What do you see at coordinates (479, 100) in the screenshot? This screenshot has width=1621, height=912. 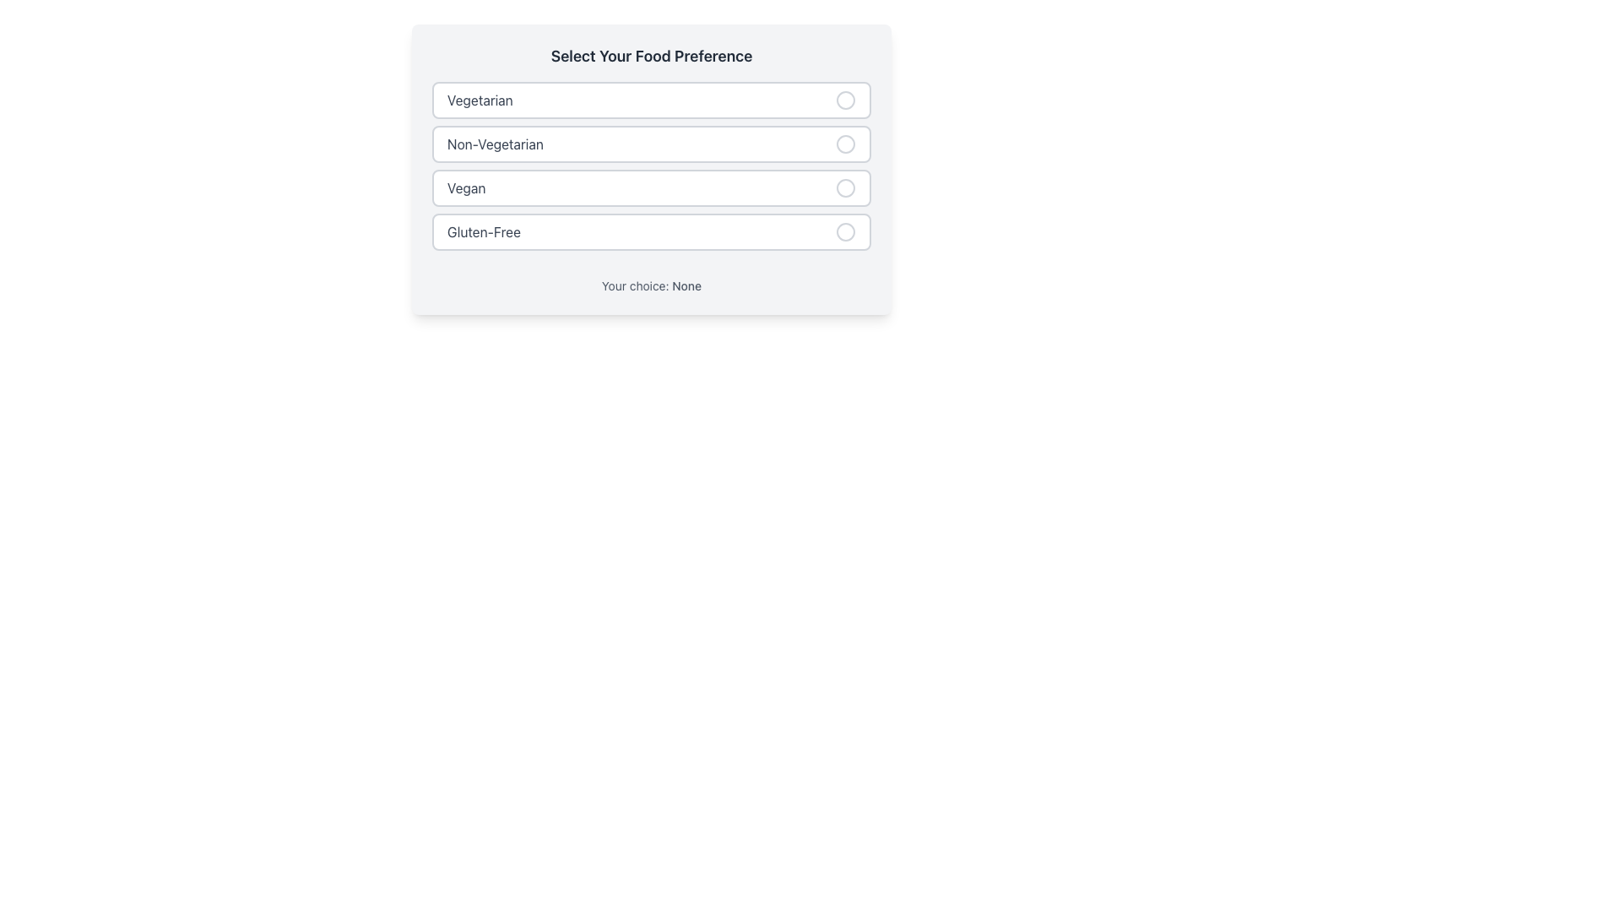 I see `the 'Vegetarian' label in the food preference selection list, which is the first selectable option in the vertical list` at bounding box center [479, 100].